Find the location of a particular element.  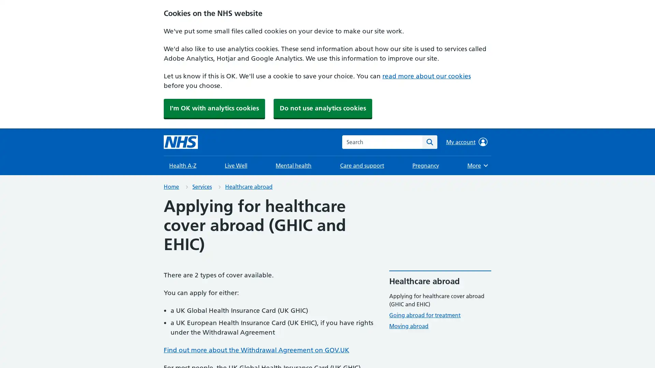

I'm OK with analytics cookies is located at coordinates (214, 108).